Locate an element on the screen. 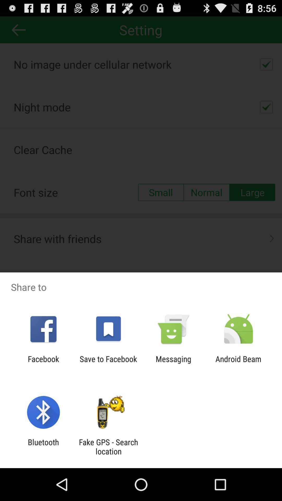 The image size is (282, 501). the android beam app is located at coordinates (238, 363).